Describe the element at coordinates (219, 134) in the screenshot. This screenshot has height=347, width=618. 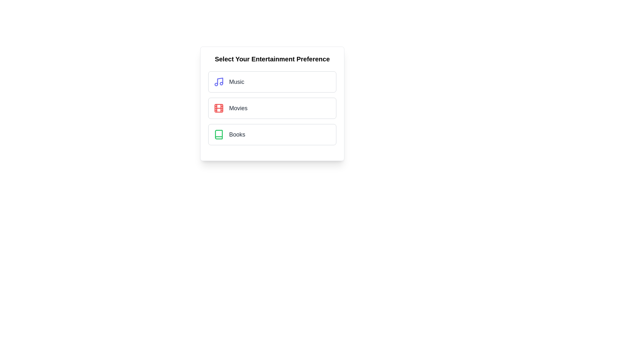
I see `the 'Books' icon in the entertainment preferences list` at that location.